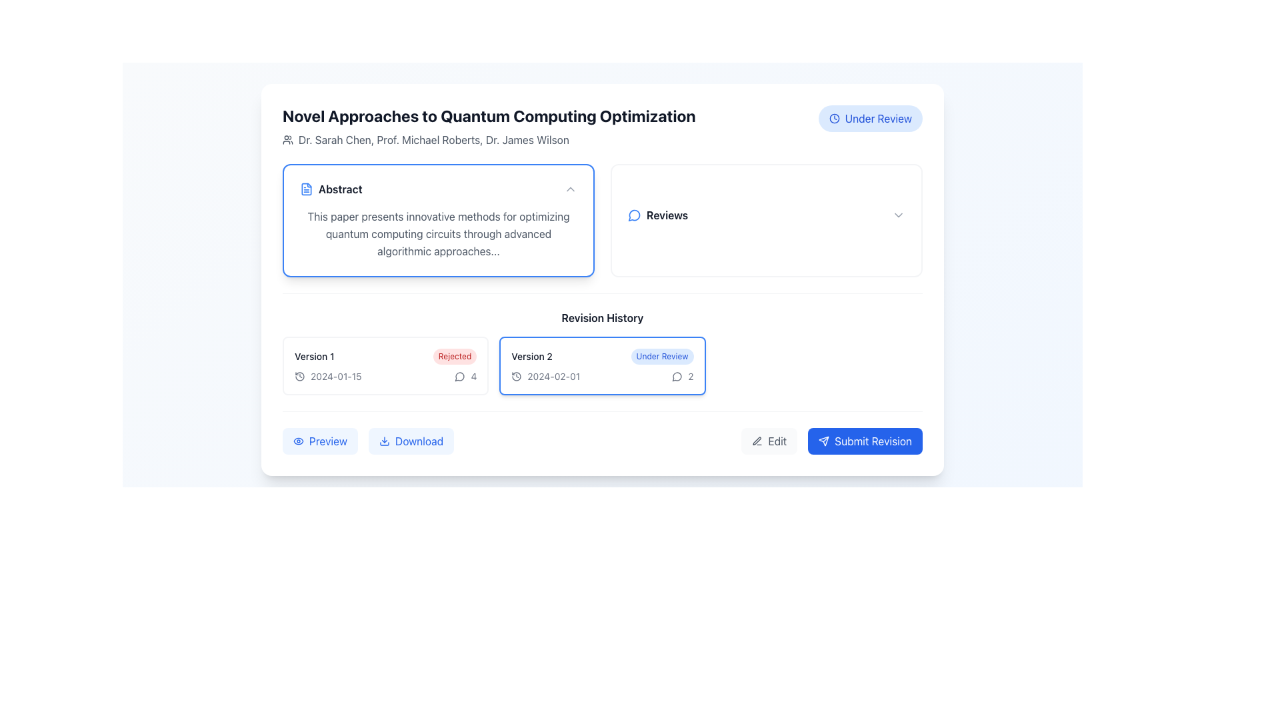 The image size is (1280, 720). Describe the element at coordinates (601, 318) in the screenshot. I see `'Revision History' text heading to identify the section it introduces, which is located centrally above the versions of revisions` at that location.